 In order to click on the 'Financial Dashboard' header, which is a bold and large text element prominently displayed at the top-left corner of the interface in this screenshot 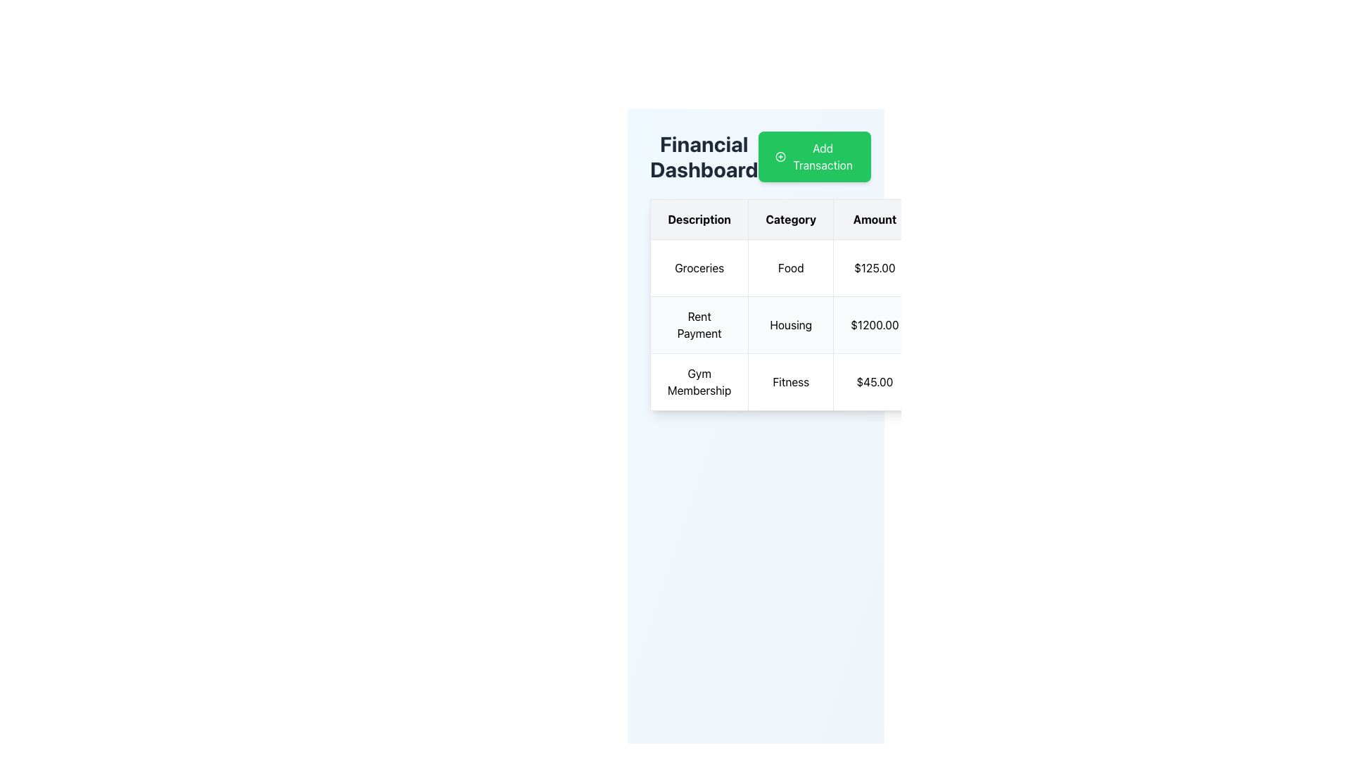, I will do `click(704, 157)`.